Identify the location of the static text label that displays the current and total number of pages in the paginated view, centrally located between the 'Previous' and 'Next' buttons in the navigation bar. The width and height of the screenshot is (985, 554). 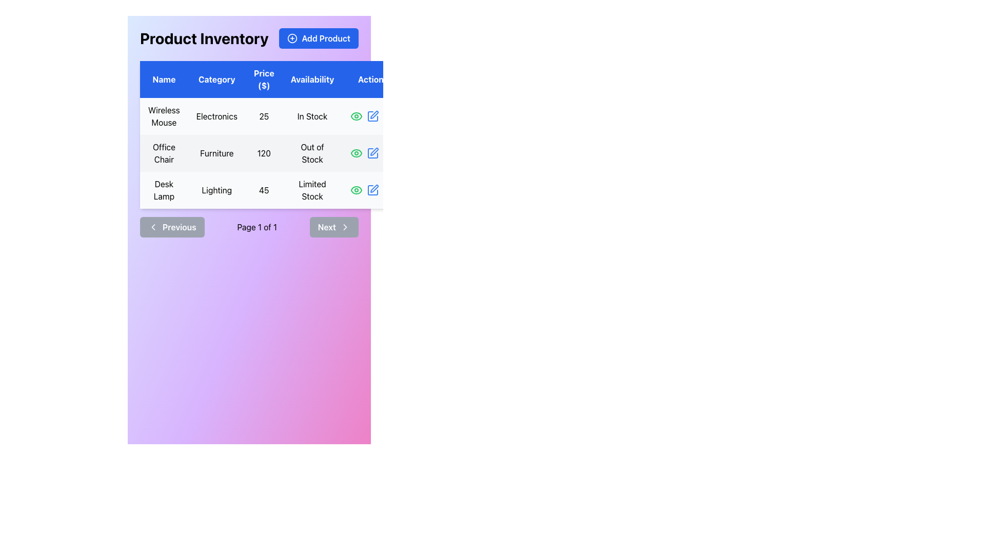
(257, 227).